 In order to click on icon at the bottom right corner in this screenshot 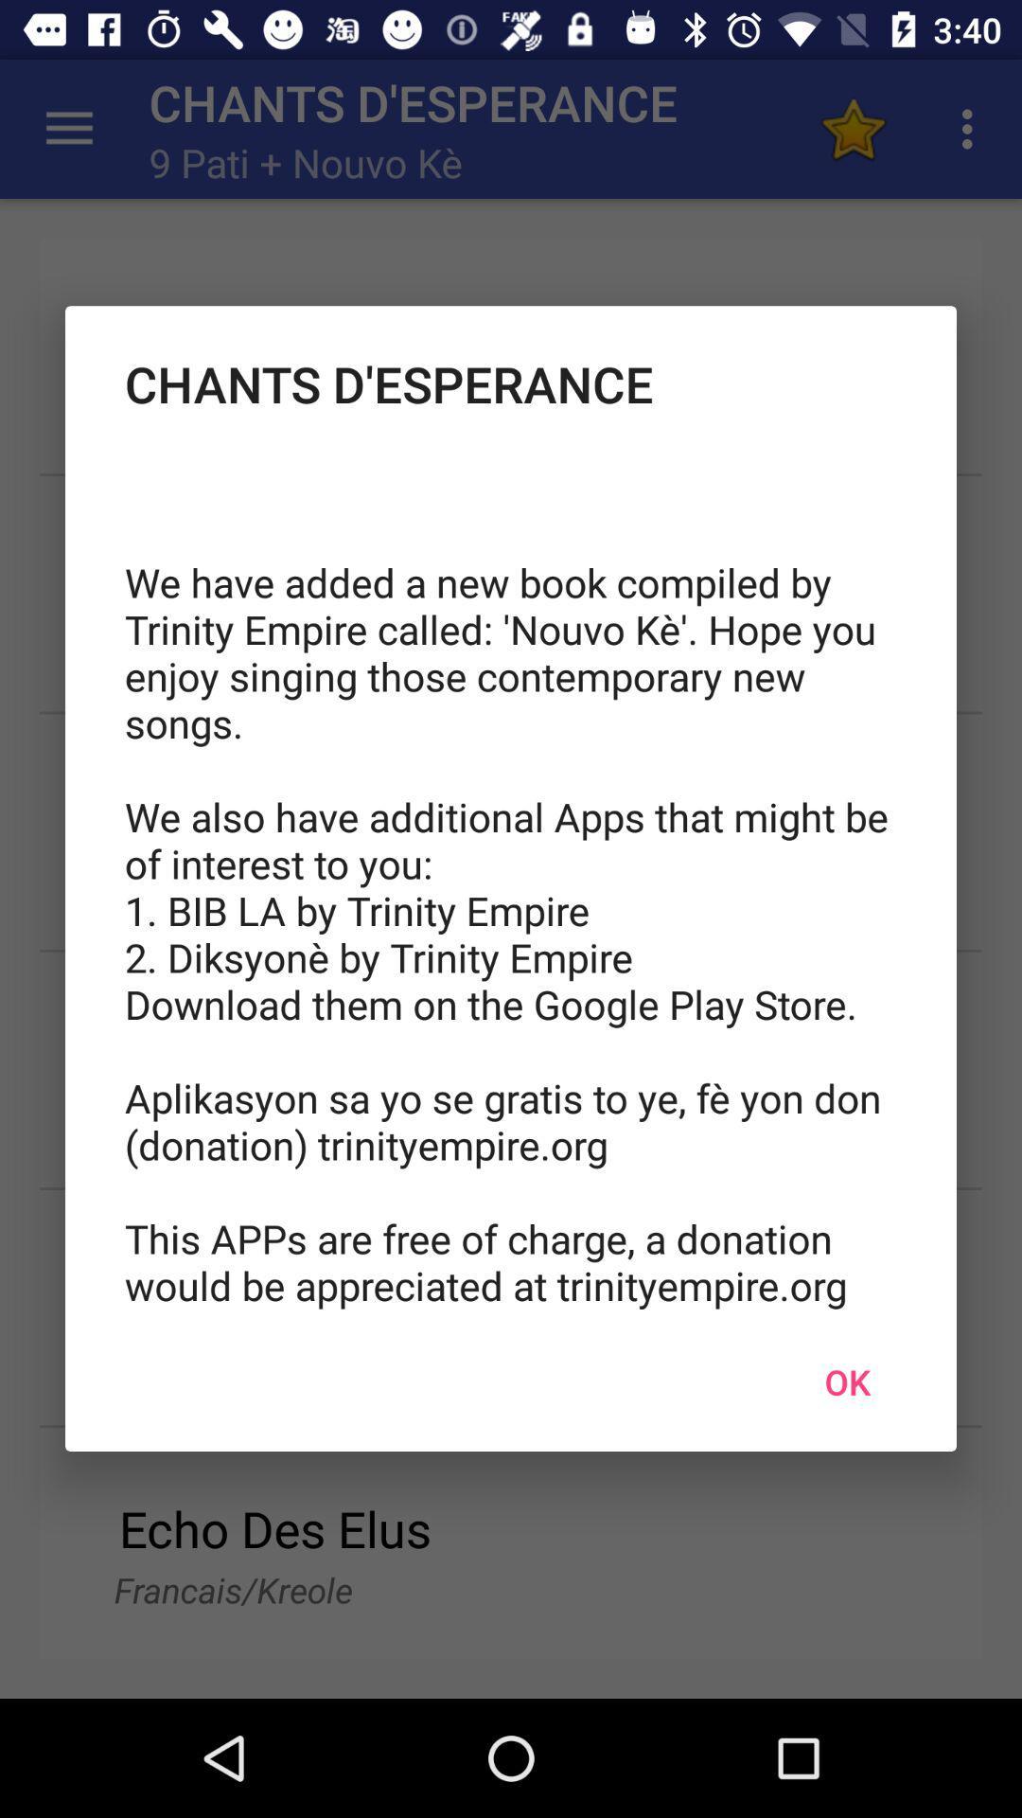, I will do `click(846, 1381)`.